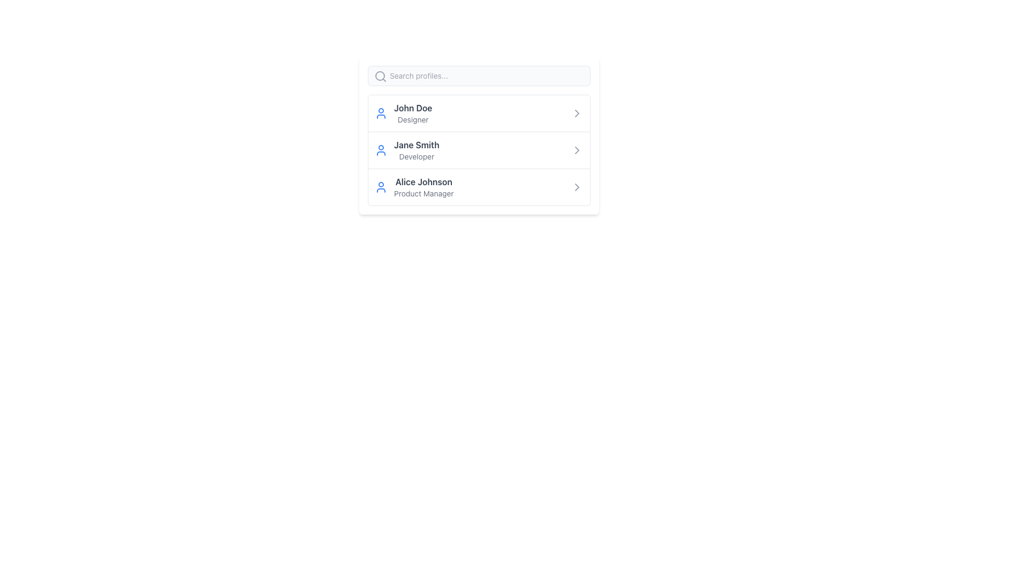 Image resolution: width=1028 pixels, height=578 pixels. I want to click on the user avatar icon with a blue outline and white background associated with 'Alice Johnson', the Product Manager, so click(381, 187).